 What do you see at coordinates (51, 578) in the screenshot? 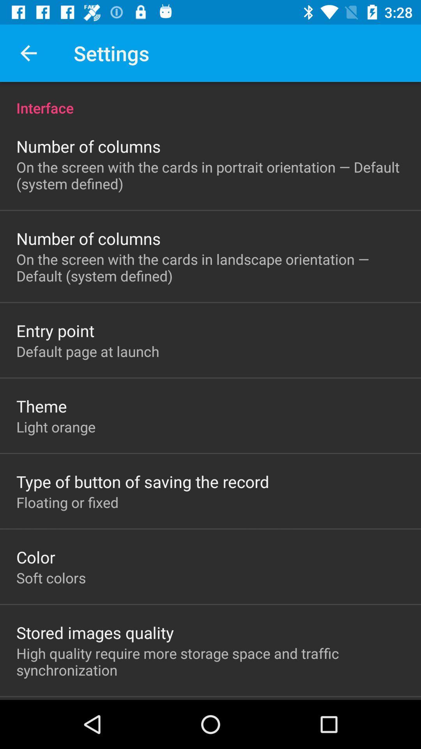
I see `the soft colors item` at bounding box center [51, 578].